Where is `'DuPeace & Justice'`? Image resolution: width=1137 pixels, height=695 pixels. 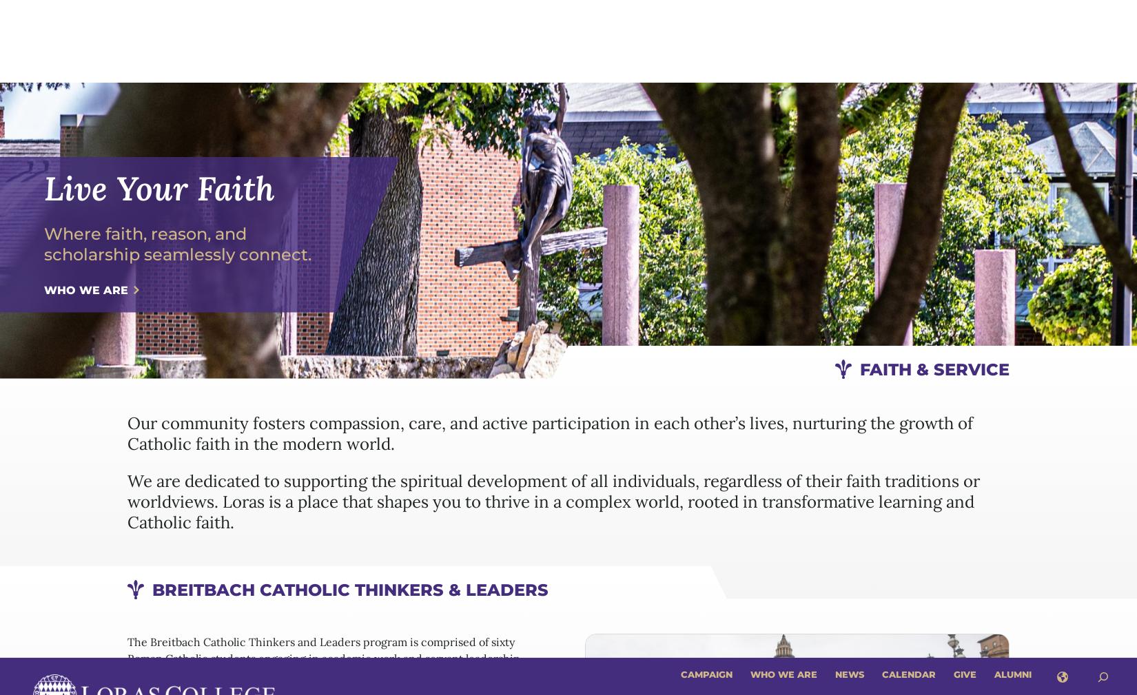
'DuPeace & Justice' is located at coordinates (642, 357).